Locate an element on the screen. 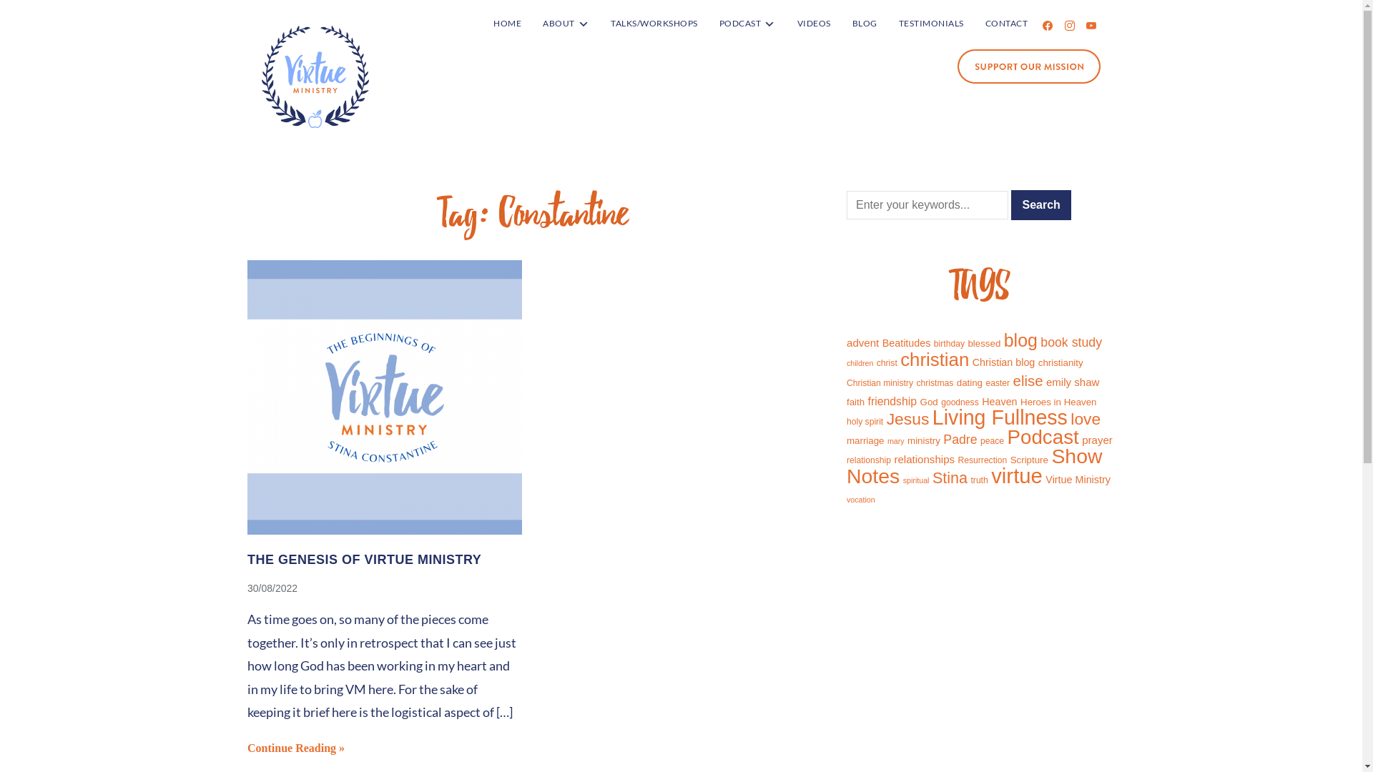 The width and height of the screenshot is (1373, 772). 'TESTIMONIALS' is located at coordinates (897, 24).